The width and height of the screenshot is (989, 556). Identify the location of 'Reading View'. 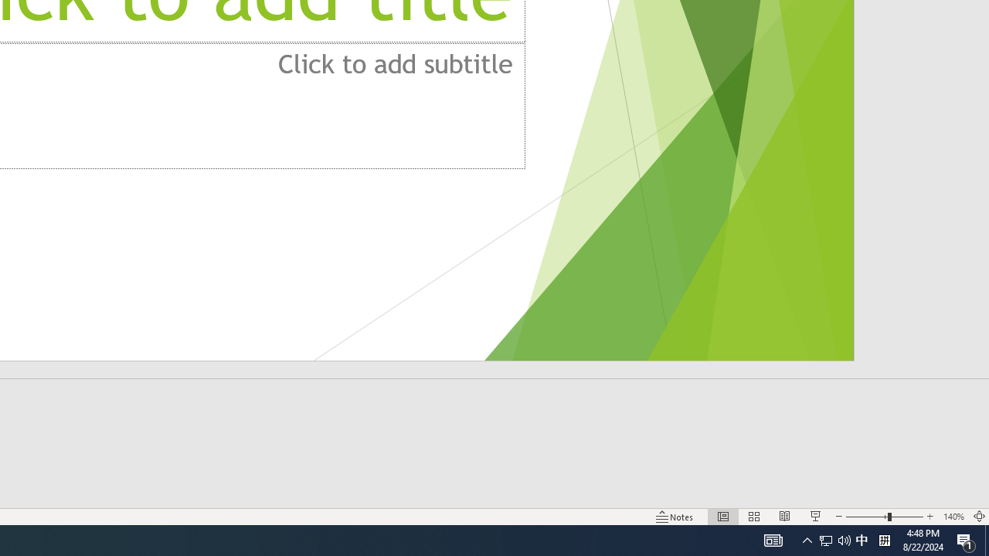
(784, 517).